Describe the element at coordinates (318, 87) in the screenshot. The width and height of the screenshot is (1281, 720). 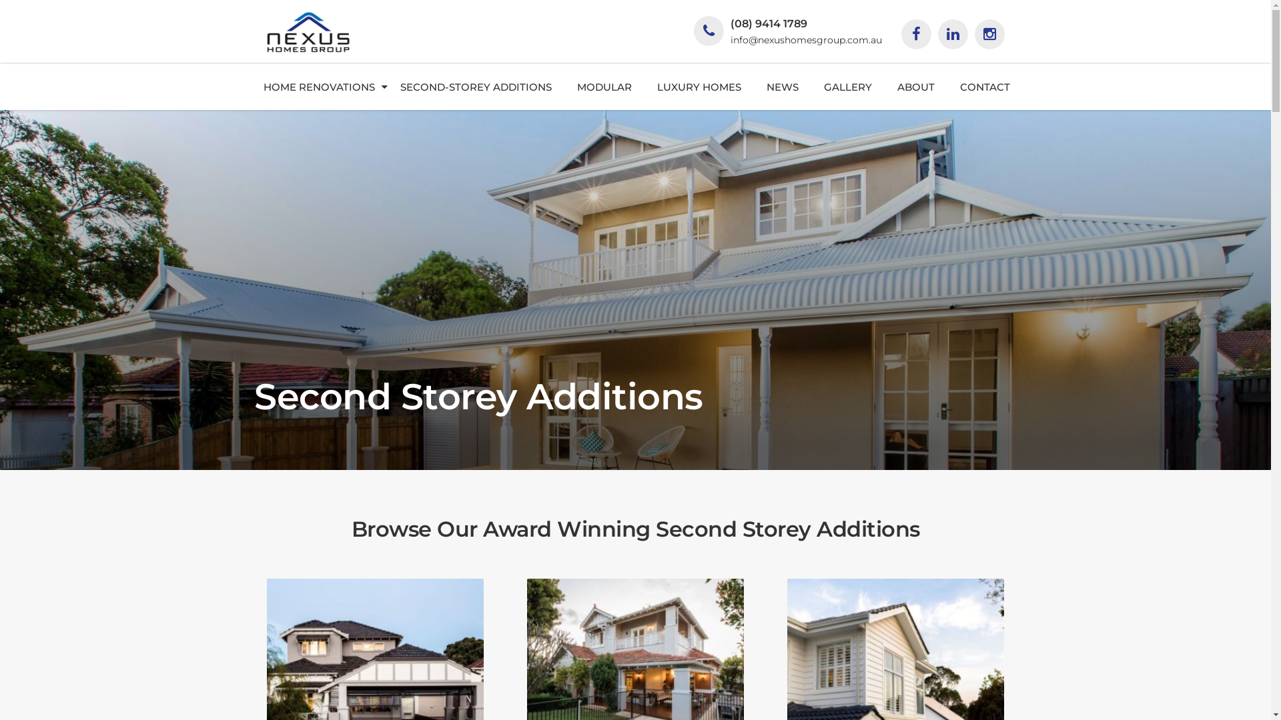
I see `'HOME RENOVATIONS'` at that location.